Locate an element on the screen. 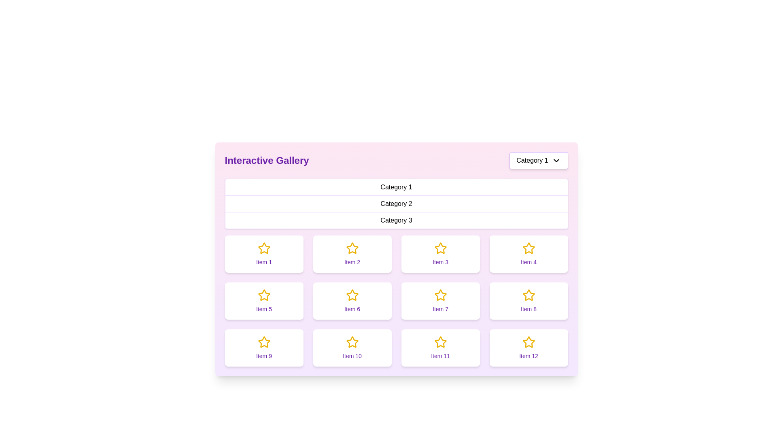 The image size is (777, 437). text of the purple 'Item 7' text label located below the yellow star icon within its white rounded rectangular card in the second row and third column of the grid layout under 'Category 1' is located at coordinates (440, 309).